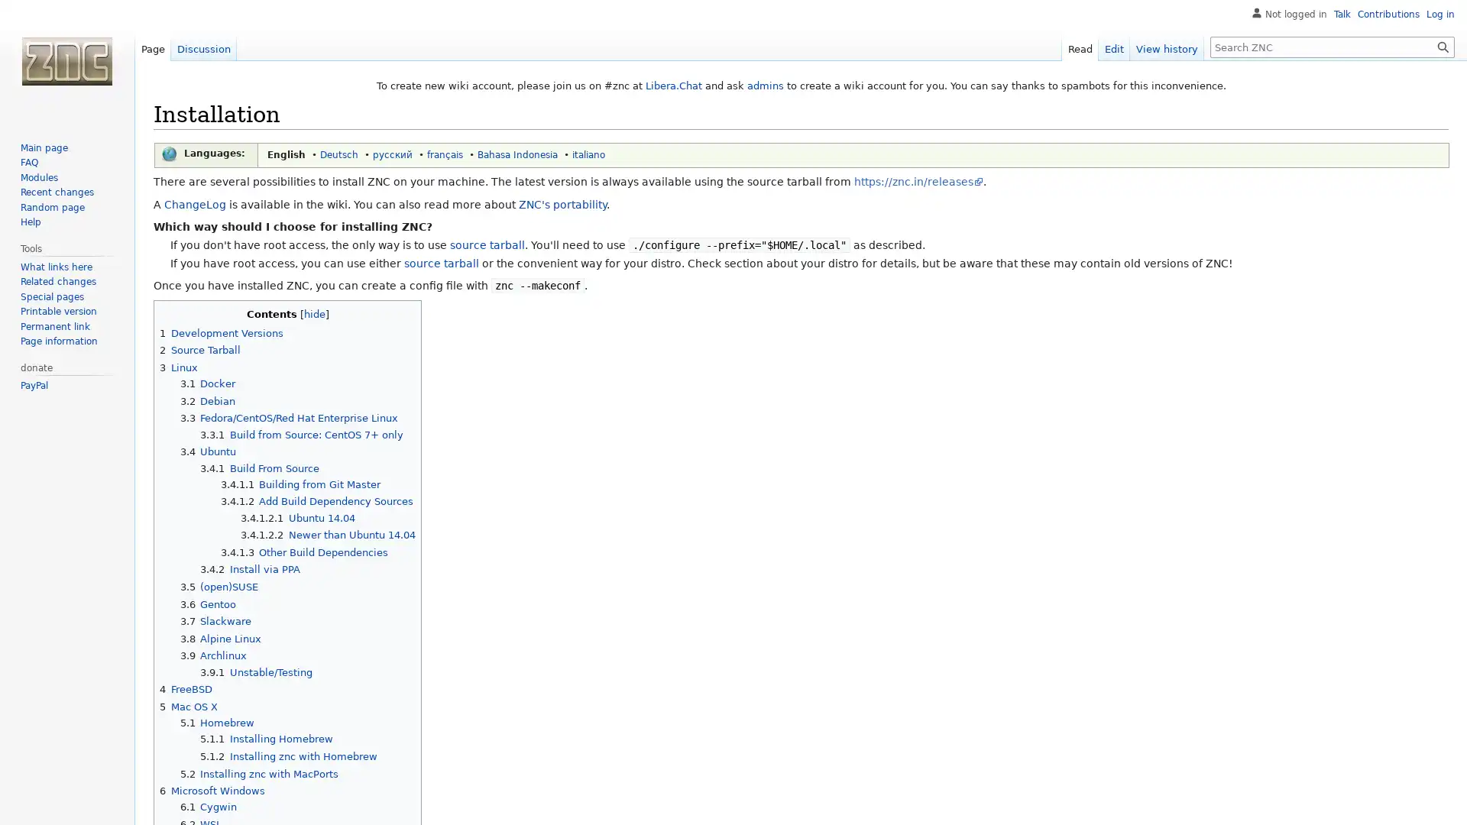  Describe the element at coordinates (1443, 46) in the screenshot. I see `Search` at that location.